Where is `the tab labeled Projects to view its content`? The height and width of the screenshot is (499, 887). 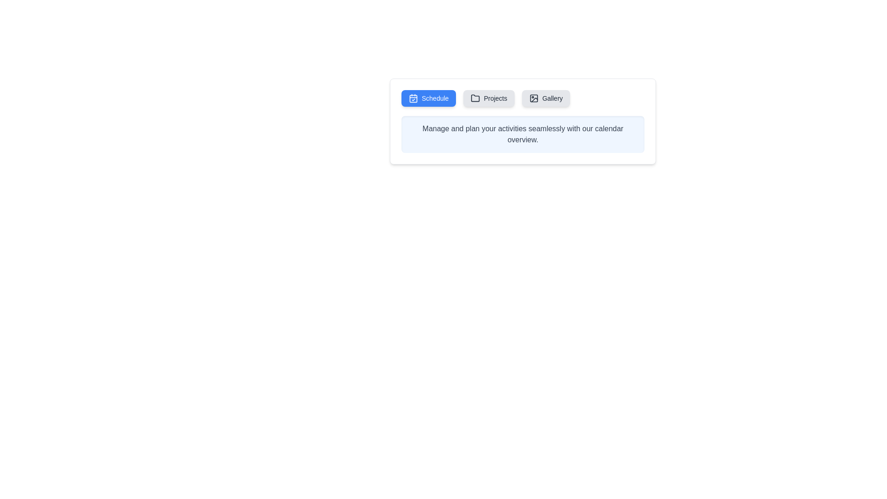 the tab labeled Projects to view its content is located at coordinates (488, 98).